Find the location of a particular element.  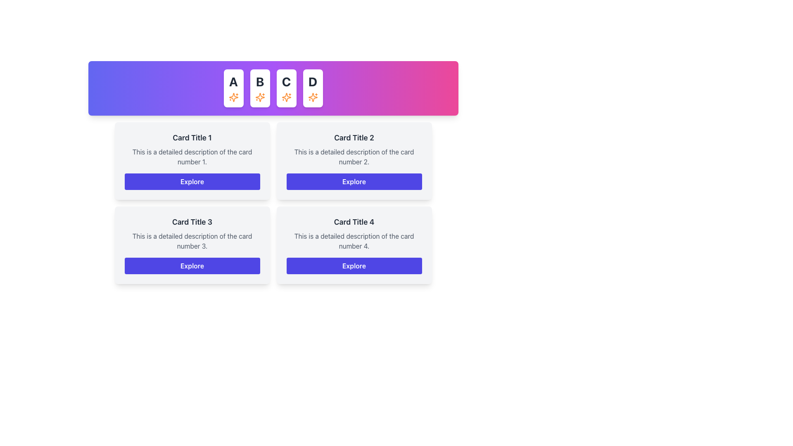

the first card-like component displaying the large, bold letter 'A' in gray with an orange sparkline icon below it is located at coordinates (233, 88).